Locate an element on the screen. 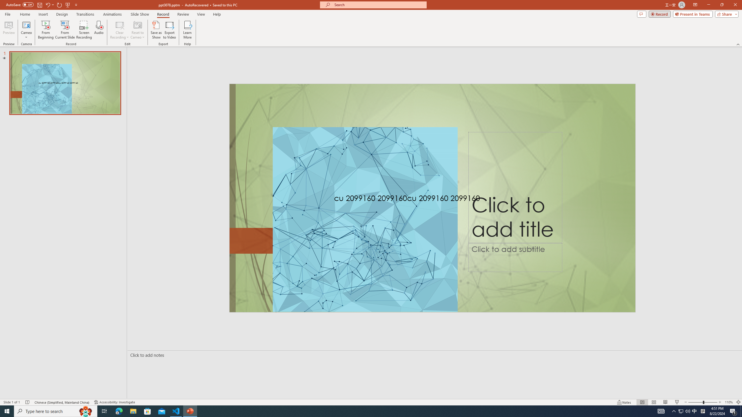 The width and height of the screenshot is (742, 417). 'Zoom In' is located at coordinates (720, 402).